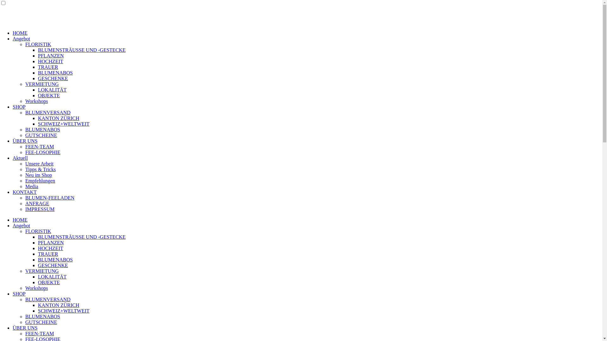 Image resolution: width=607 pixels, height=341 pixels. Describe the element at coordinates (50, 197) in the screenshot. I see `'BLUMEN-FEELADEN'` at that location.